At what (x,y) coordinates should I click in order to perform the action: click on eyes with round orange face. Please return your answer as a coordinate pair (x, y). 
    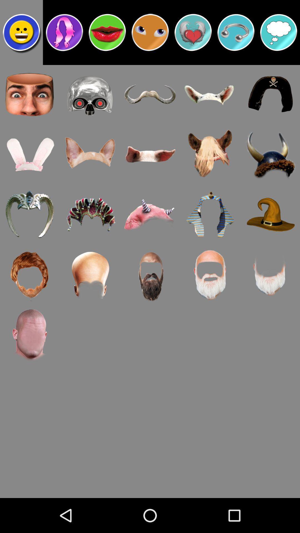
    Looking at the image, I should click on (150, 32).